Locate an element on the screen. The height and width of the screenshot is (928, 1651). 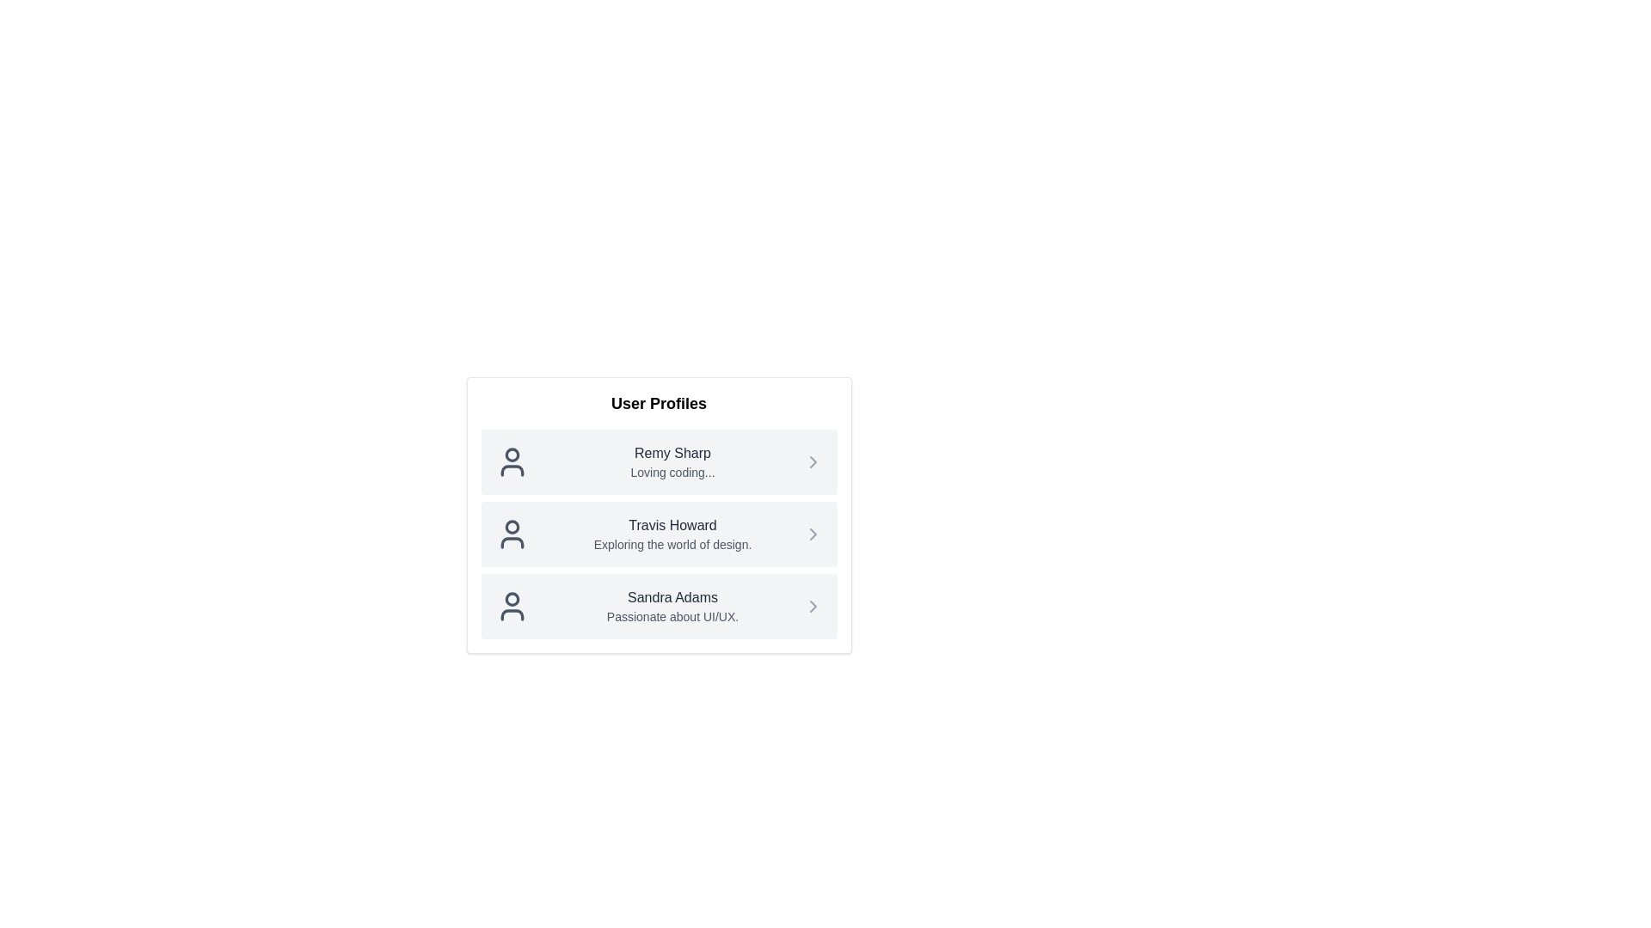
the arrowhead of the chevron icon located at the rightmost side of the second list item labeled 'Travis Howard' in the user profile list is located at coordinates (812, 533).